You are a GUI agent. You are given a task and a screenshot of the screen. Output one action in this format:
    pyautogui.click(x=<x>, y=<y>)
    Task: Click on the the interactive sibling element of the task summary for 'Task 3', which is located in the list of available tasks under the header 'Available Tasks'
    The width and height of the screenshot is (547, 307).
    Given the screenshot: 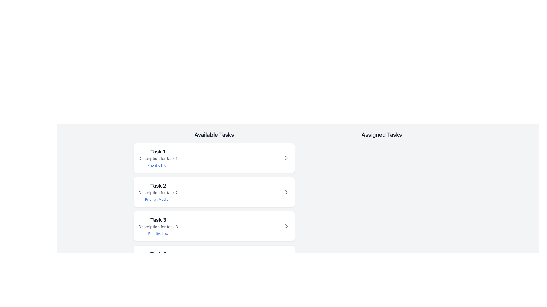 What is the action you would take?
    pyautogui.click(x=158, y=226)
    